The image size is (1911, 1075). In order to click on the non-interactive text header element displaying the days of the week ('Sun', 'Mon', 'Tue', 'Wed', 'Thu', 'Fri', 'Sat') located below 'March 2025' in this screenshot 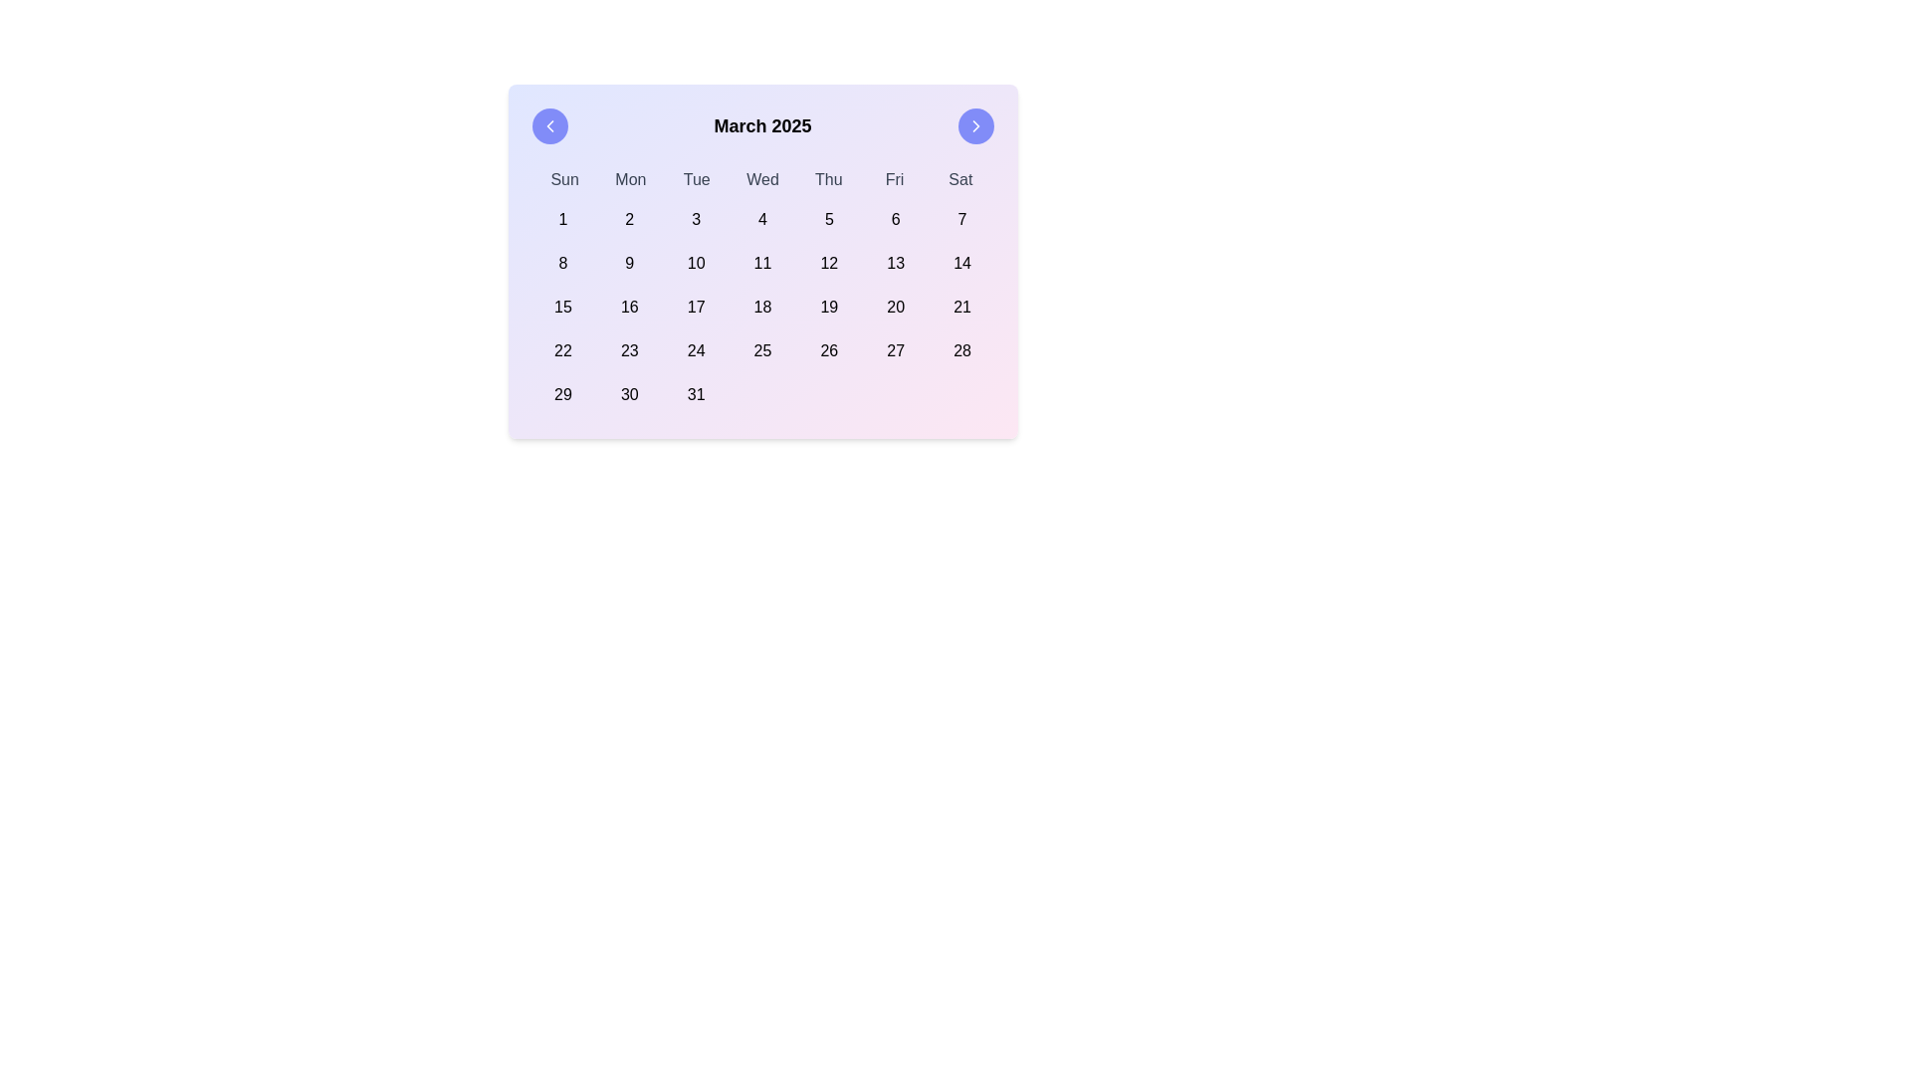, I will do `click(761, 180)`.